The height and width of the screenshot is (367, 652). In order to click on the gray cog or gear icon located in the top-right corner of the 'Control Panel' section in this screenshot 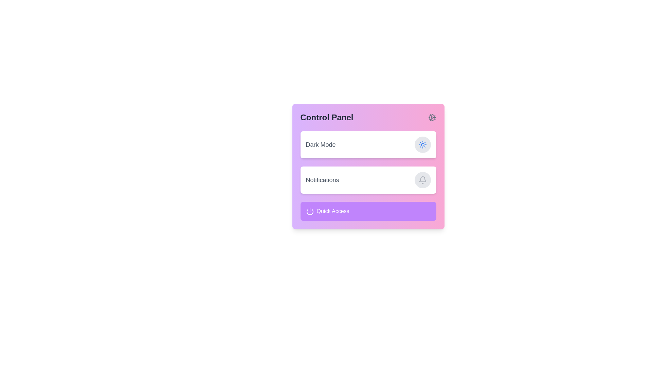, I will do `click(432, 117)`.